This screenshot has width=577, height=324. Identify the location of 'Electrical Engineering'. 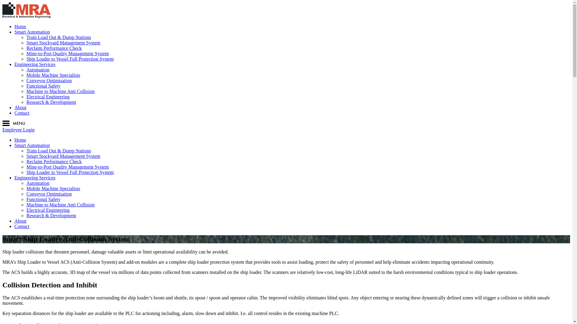
(26, 210).